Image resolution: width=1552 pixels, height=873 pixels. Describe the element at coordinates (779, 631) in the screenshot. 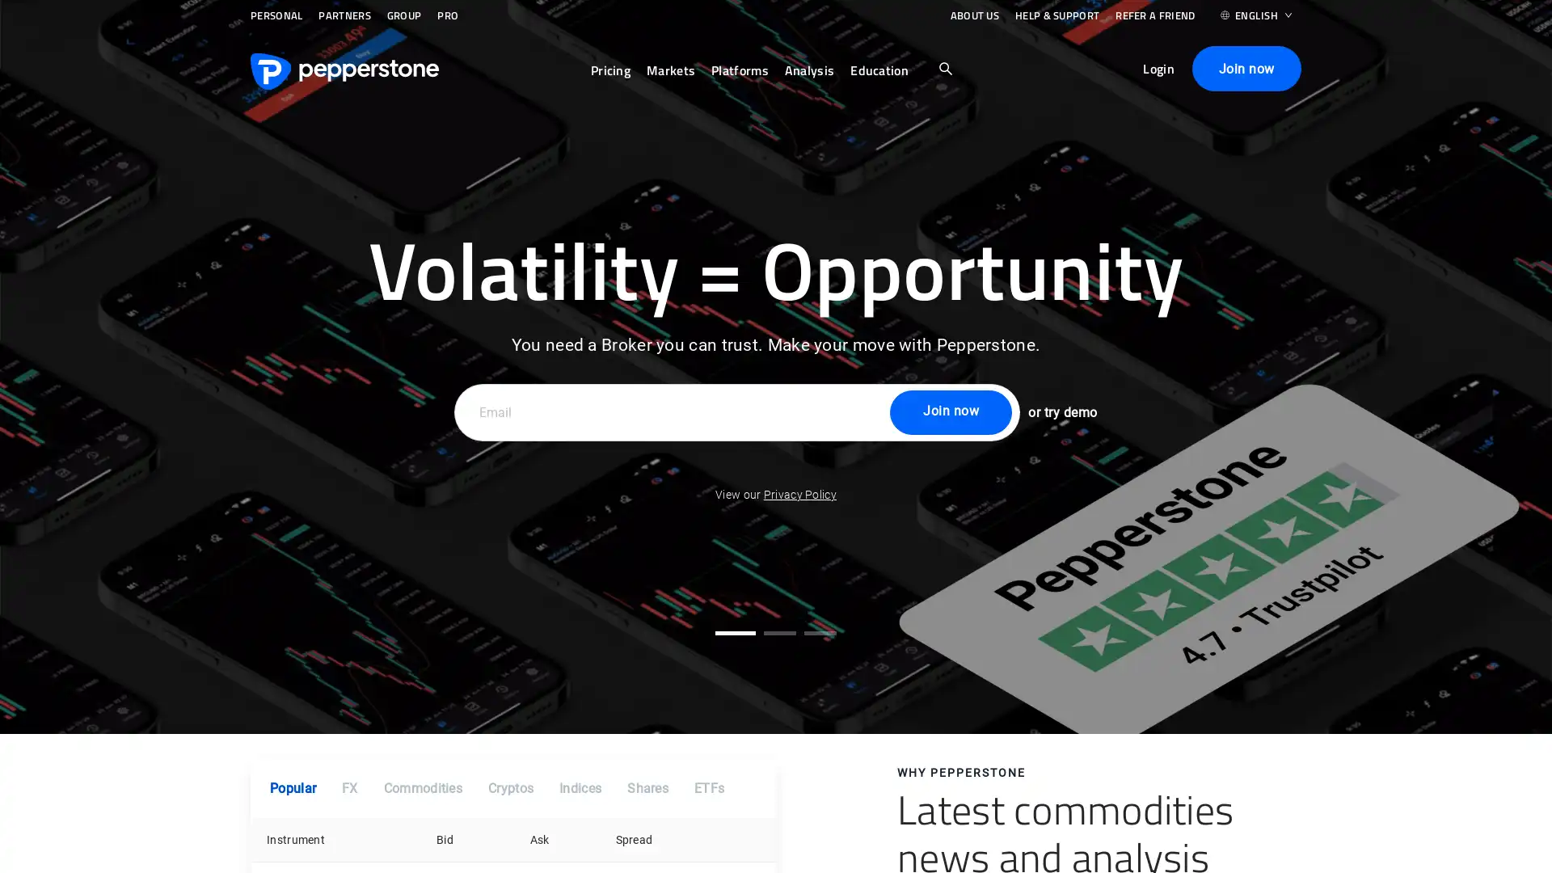

I see `2` at that location.